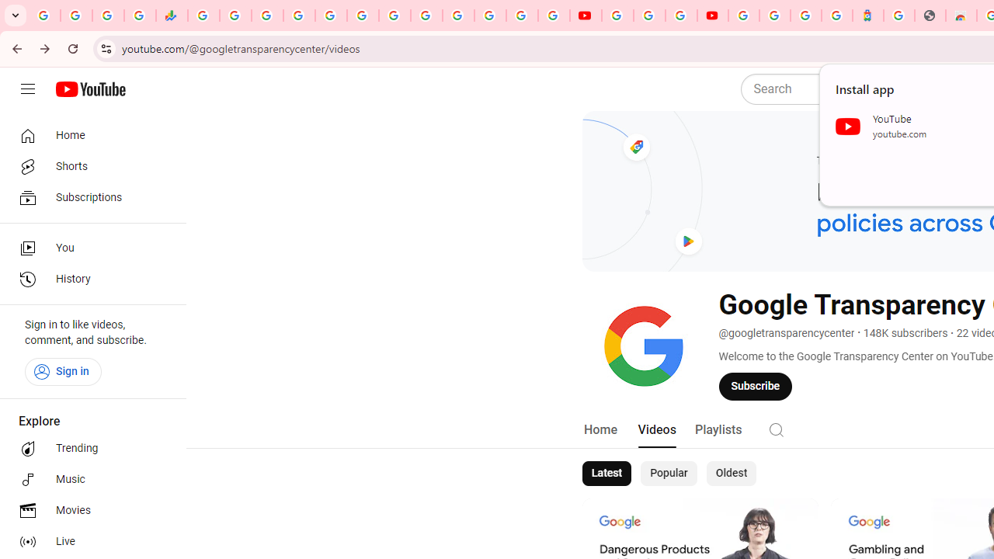 This screenshot has height=559, width=994. What do you see at coordinates (89, 89) in the screenshot?
I see `'YouTube Home'` at bounding box center [89, 89].